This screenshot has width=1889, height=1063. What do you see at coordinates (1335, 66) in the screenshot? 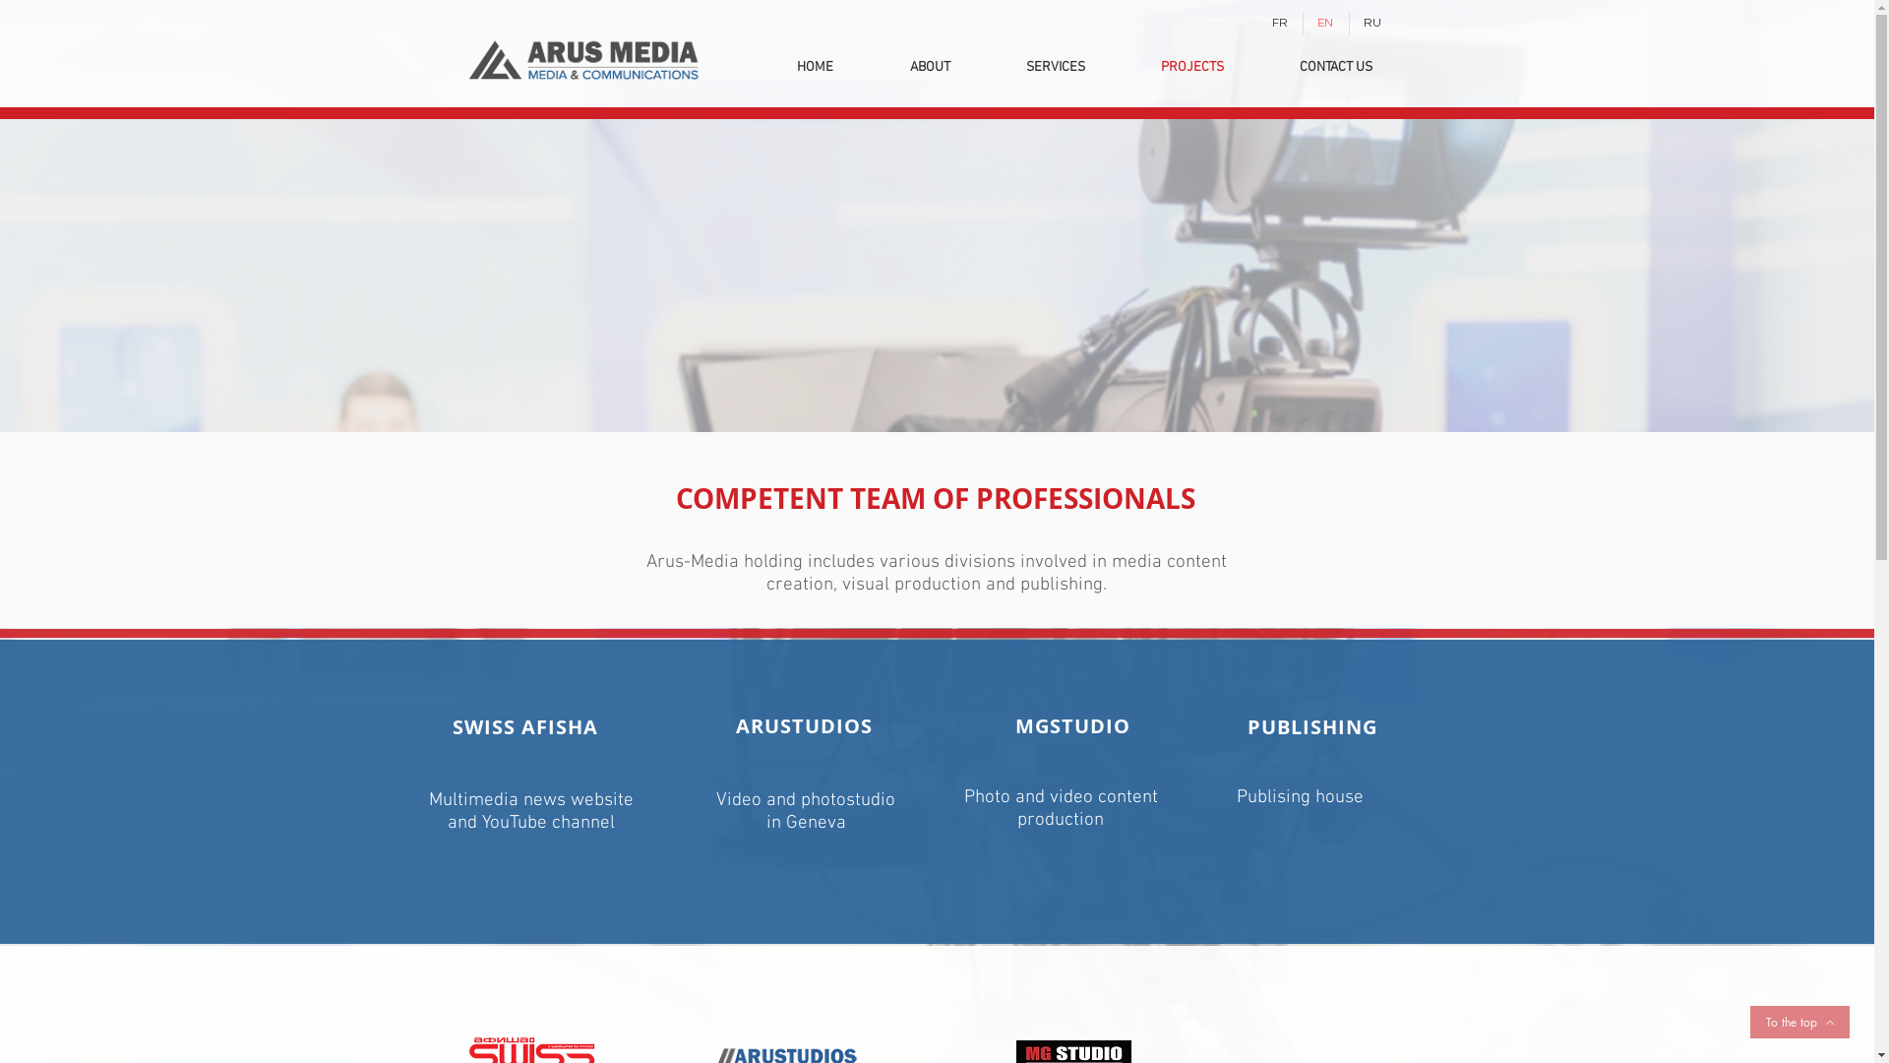
I see `'CONTACT US'` at bounding box center [1335, 66].